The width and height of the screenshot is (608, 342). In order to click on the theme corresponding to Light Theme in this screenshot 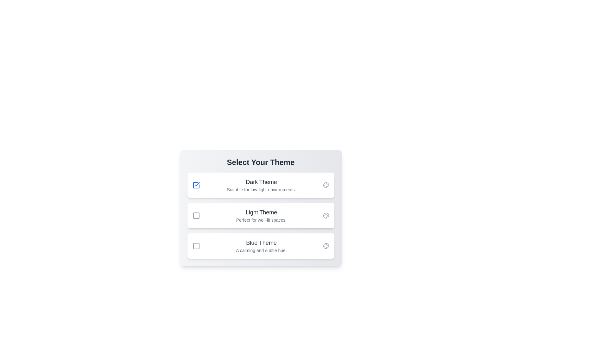, I will do `click(196, 215)`.